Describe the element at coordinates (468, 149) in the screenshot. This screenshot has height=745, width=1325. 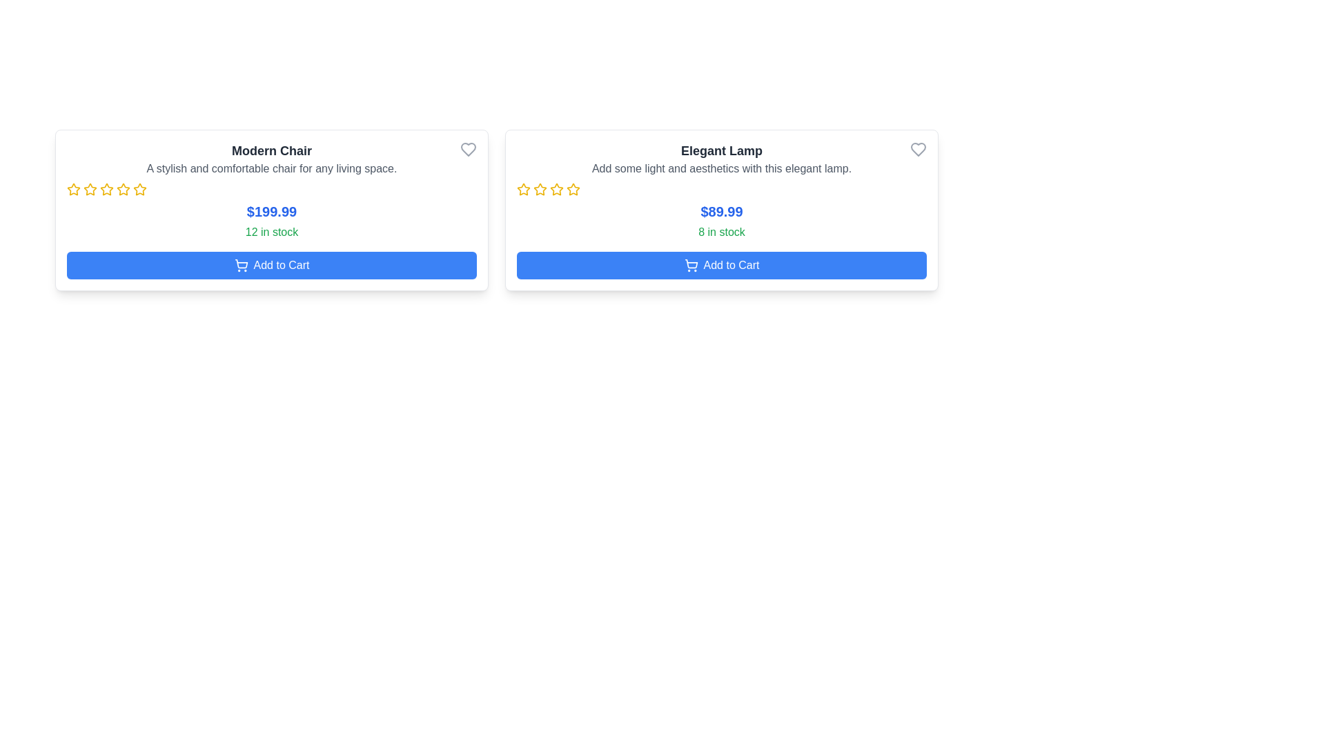
I see `the favorite icon button located at the upper-right corner of the 'Modern Chair' product card` at that location.